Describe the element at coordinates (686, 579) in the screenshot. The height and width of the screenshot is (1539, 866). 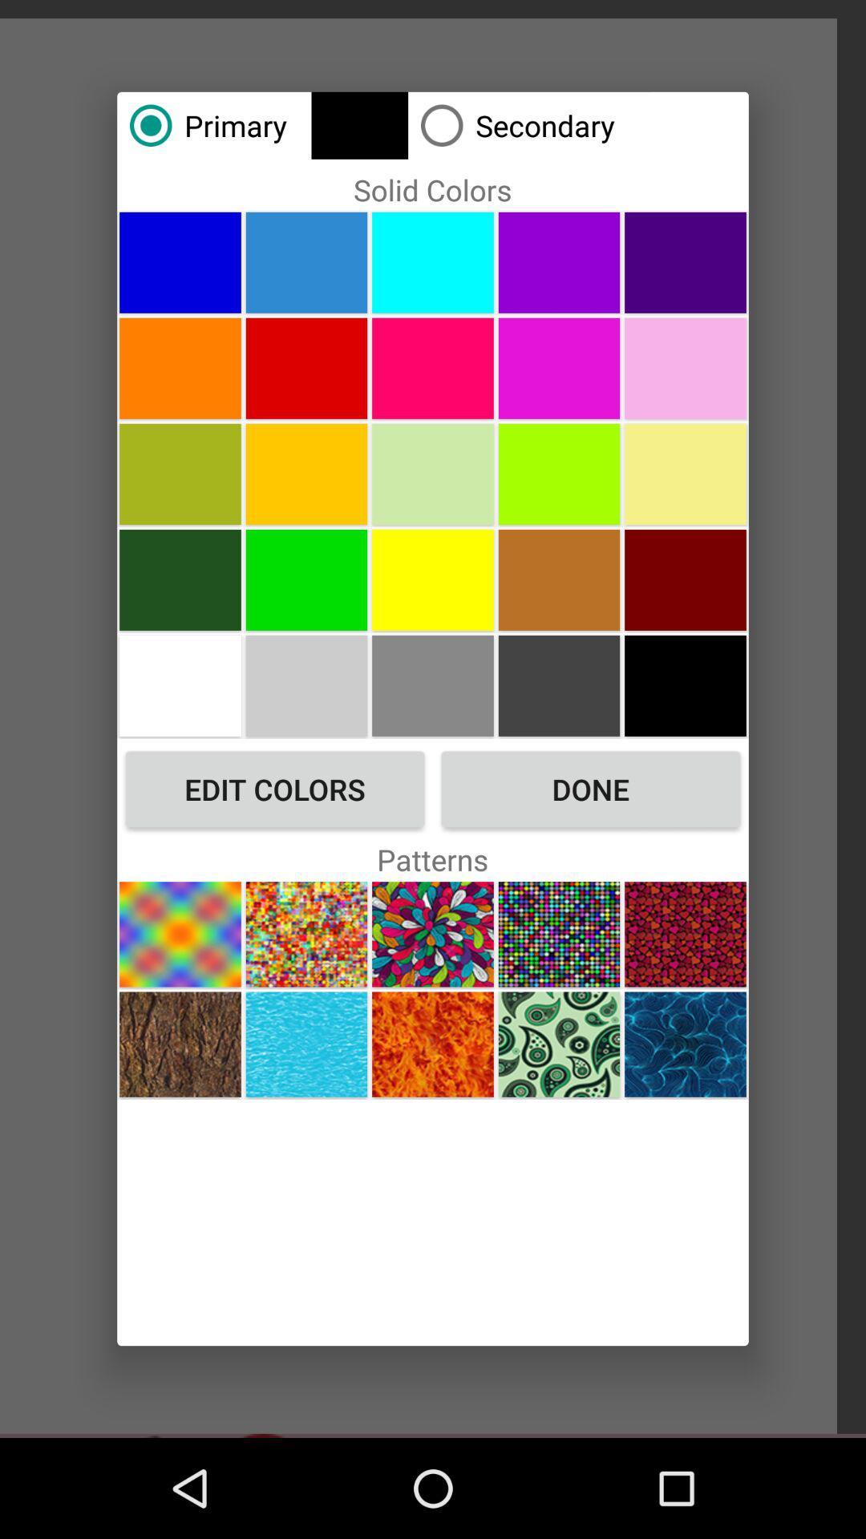
I see `red` at that location.